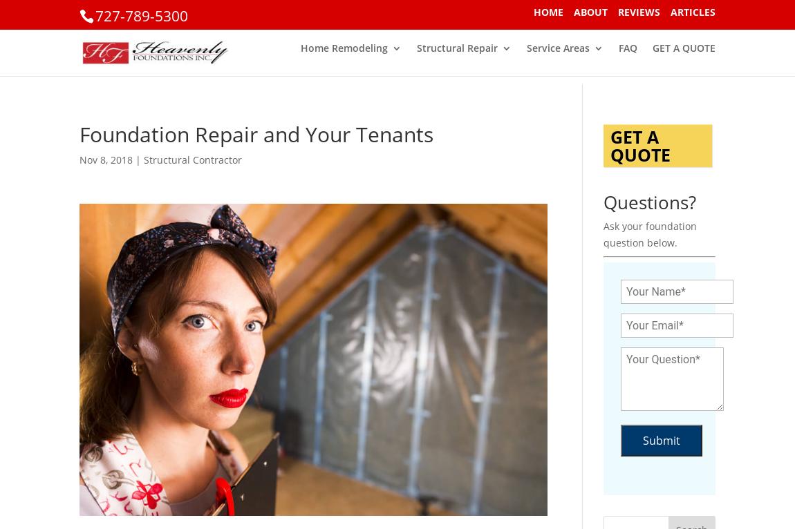  I want to click on 'Types of Damage to Stilts or Pilings', so click(610, 374).